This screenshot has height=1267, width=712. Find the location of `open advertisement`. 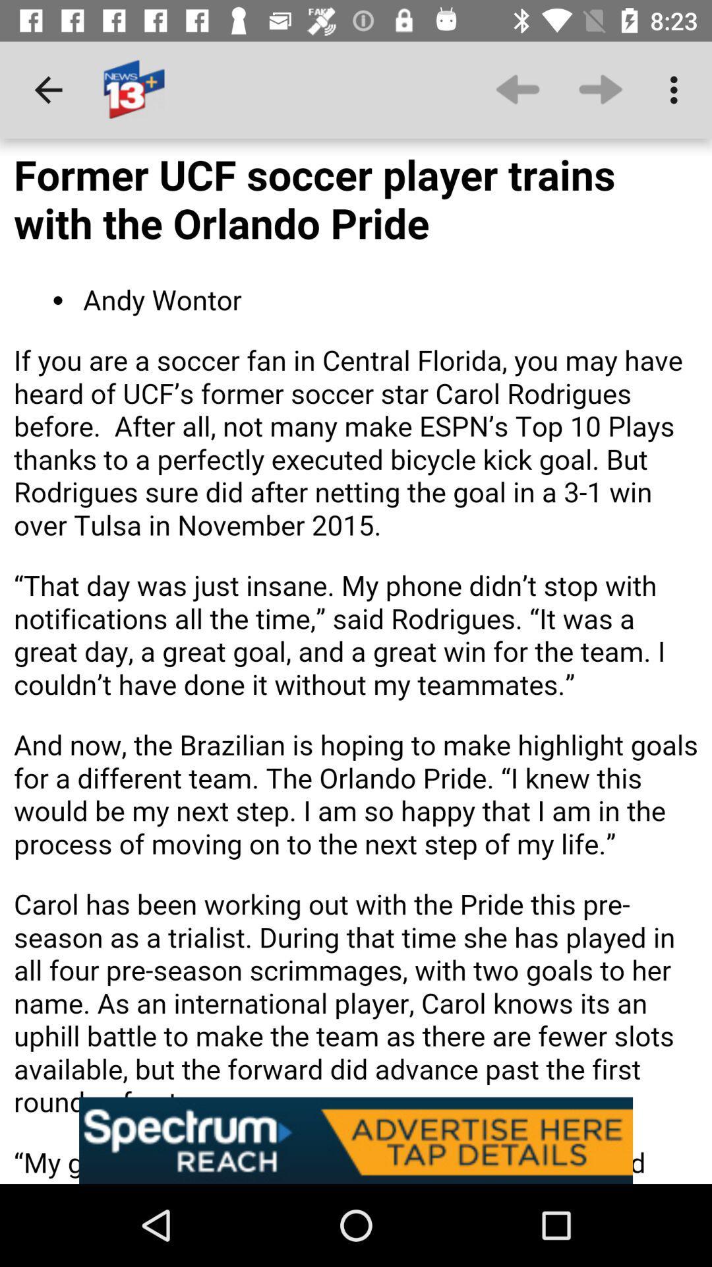

open advertisement is located at coordinates (356, 1140).